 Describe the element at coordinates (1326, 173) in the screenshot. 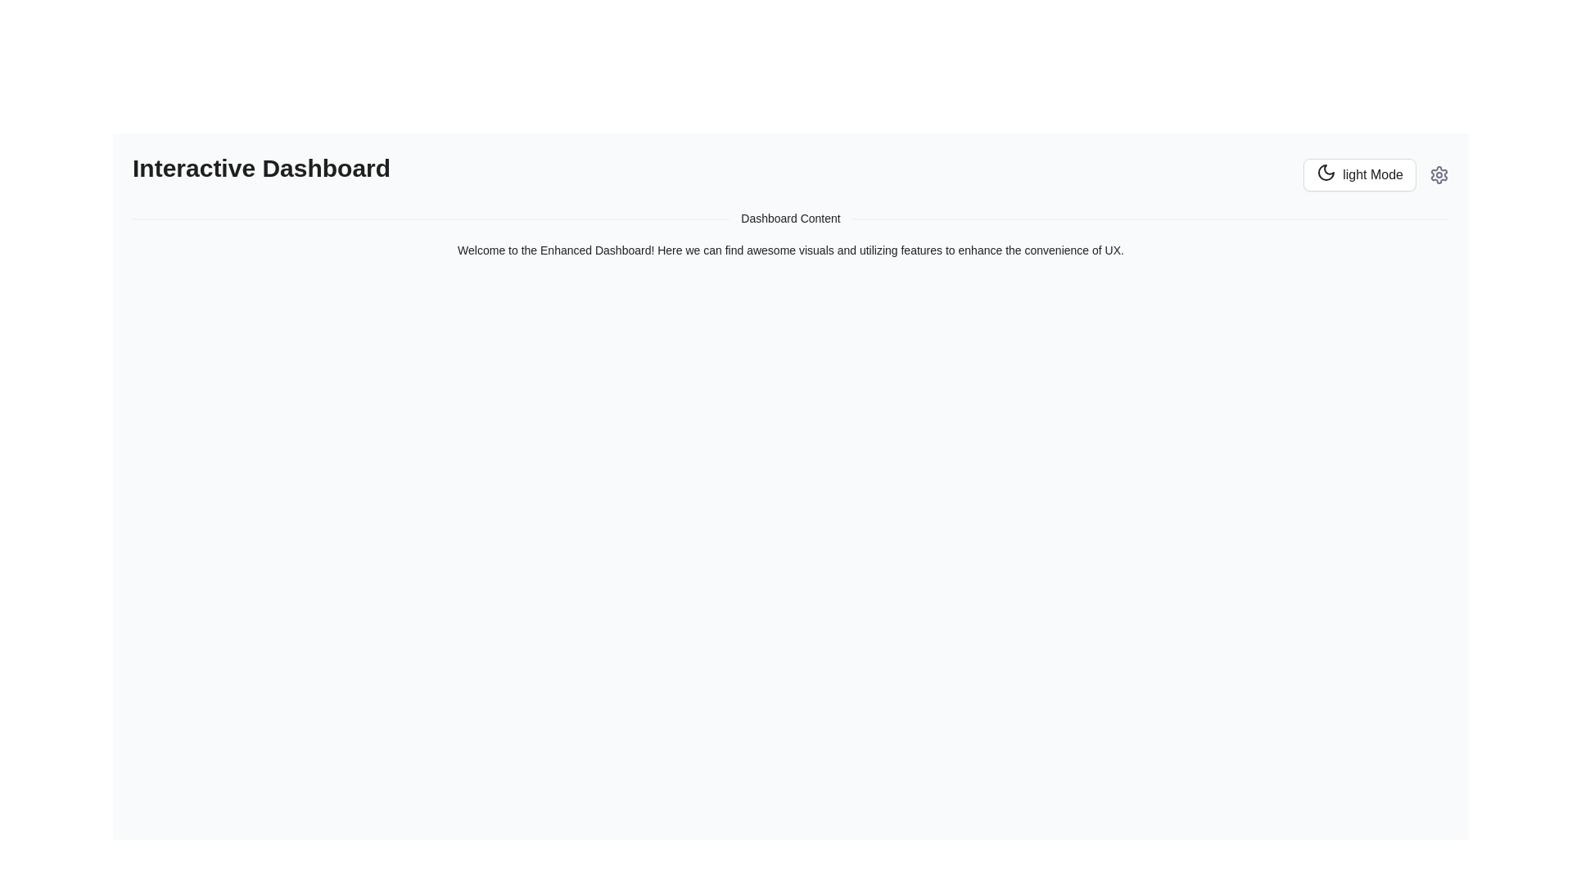

I see `the crescent moon icon located at the top-right corner of the interface next` at that location.